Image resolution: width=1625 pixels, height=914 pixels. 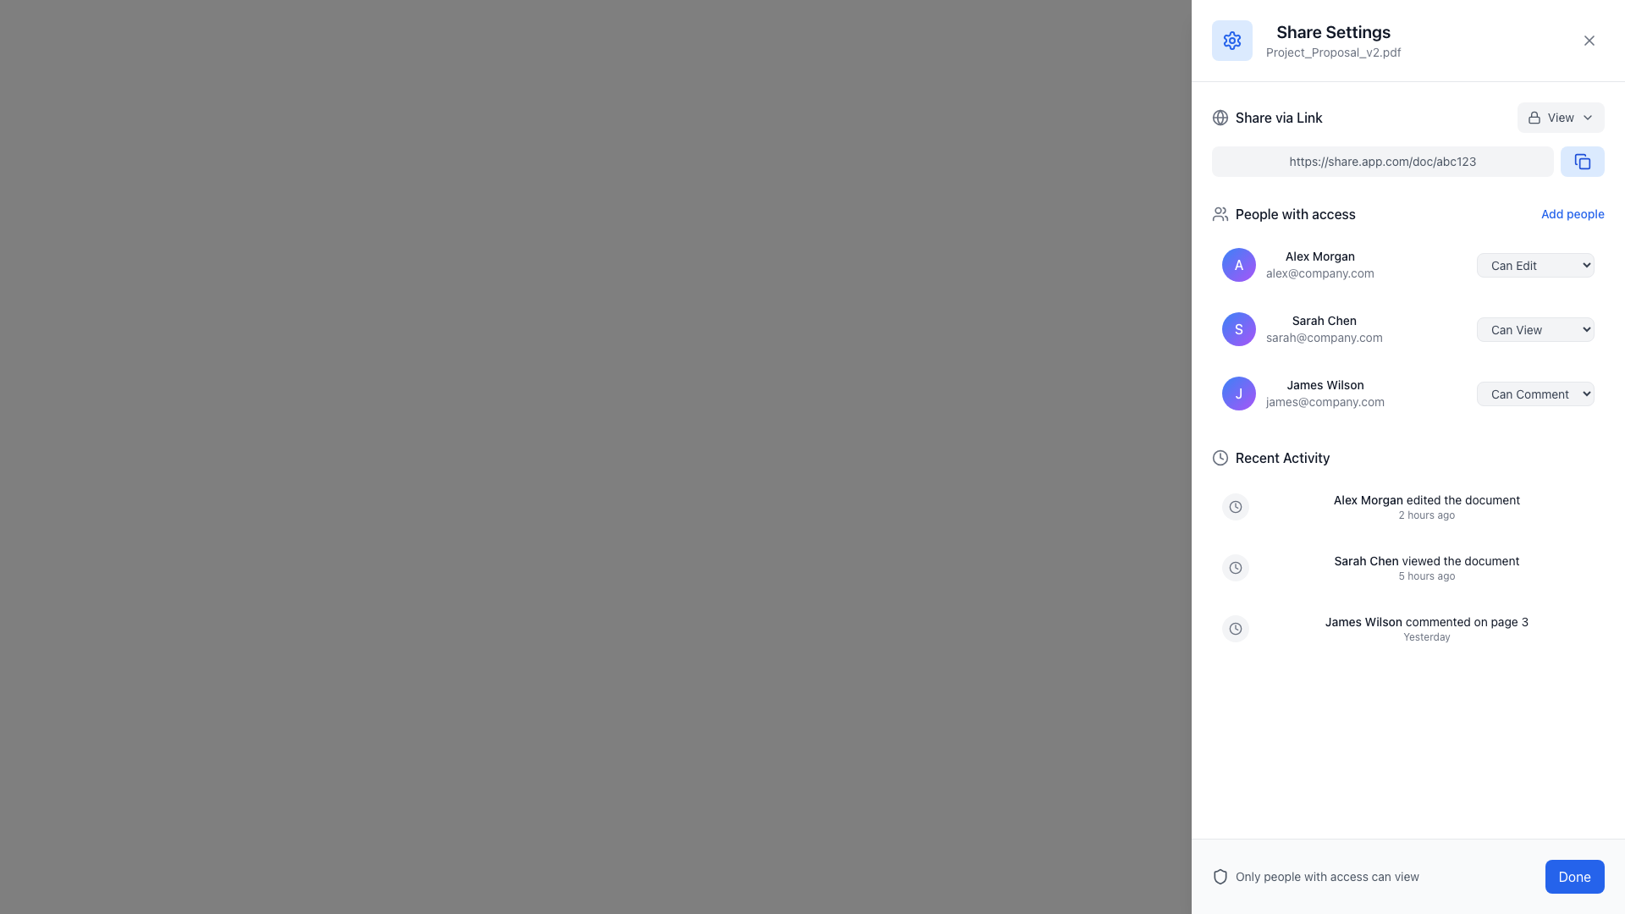 What do you see at coordinates (1319, 273) in the screenshot?
I see `the email text for user 'Alex Morgan' located below the name element` at bounding box center [1319, 273].